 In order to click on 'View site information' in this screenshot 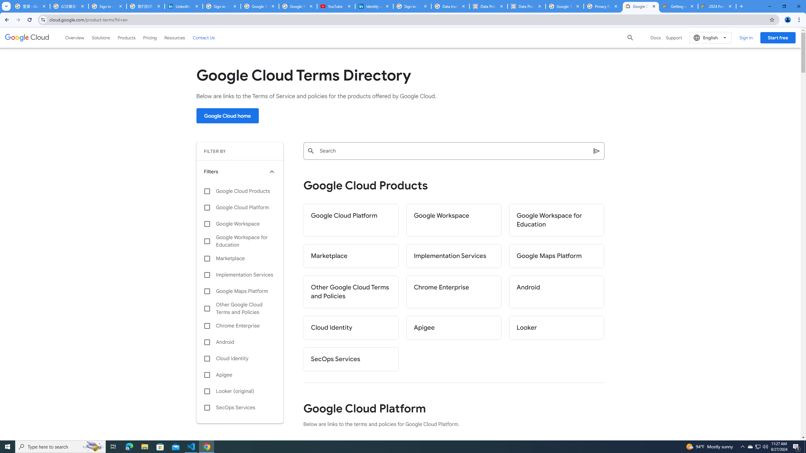, I will do `click(43, 19)`.